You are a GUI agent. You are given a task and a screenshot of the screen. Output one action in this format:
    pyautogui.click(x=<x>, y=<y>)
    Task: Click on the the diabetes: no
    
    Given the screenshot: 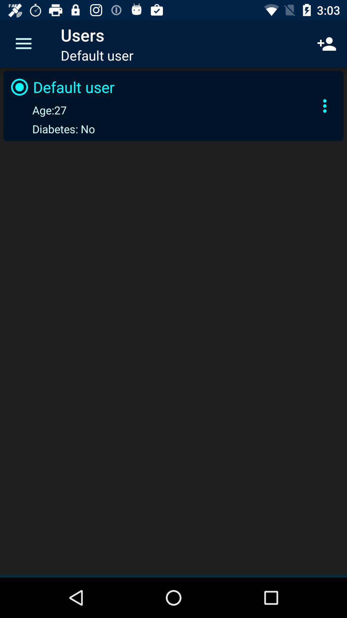 What is the action you would take?
    pyautogui.click(x=51, y=129)
    